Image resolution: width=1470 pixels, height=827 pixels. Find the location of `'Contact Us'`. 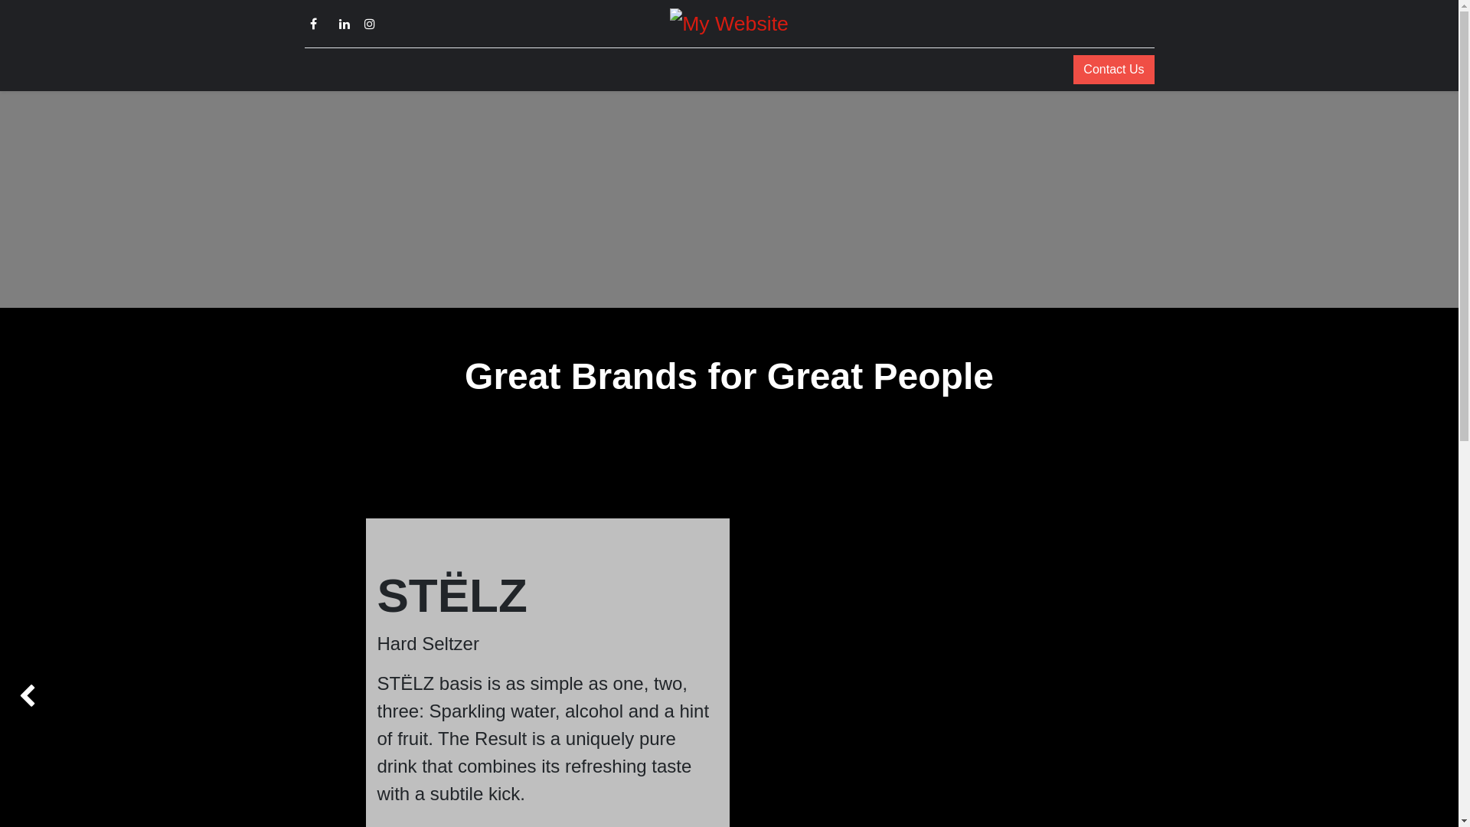

'Contact Us' is located at coordinates (1113, 70).